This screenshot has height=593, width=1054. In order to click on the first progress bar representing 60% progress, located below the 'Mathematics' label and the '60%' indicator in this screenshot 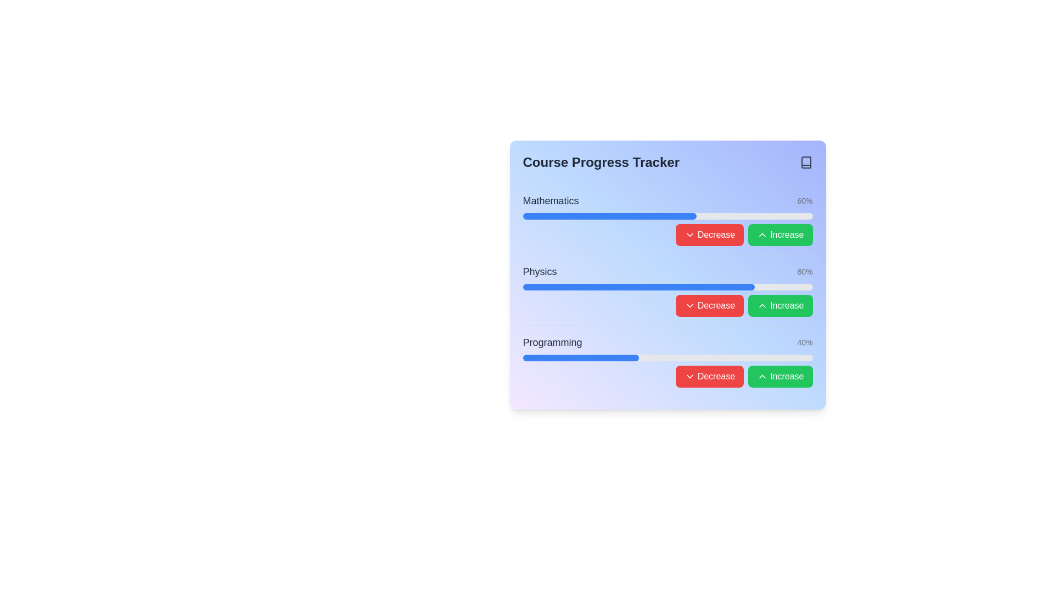, I will do `click(667, 216)`.